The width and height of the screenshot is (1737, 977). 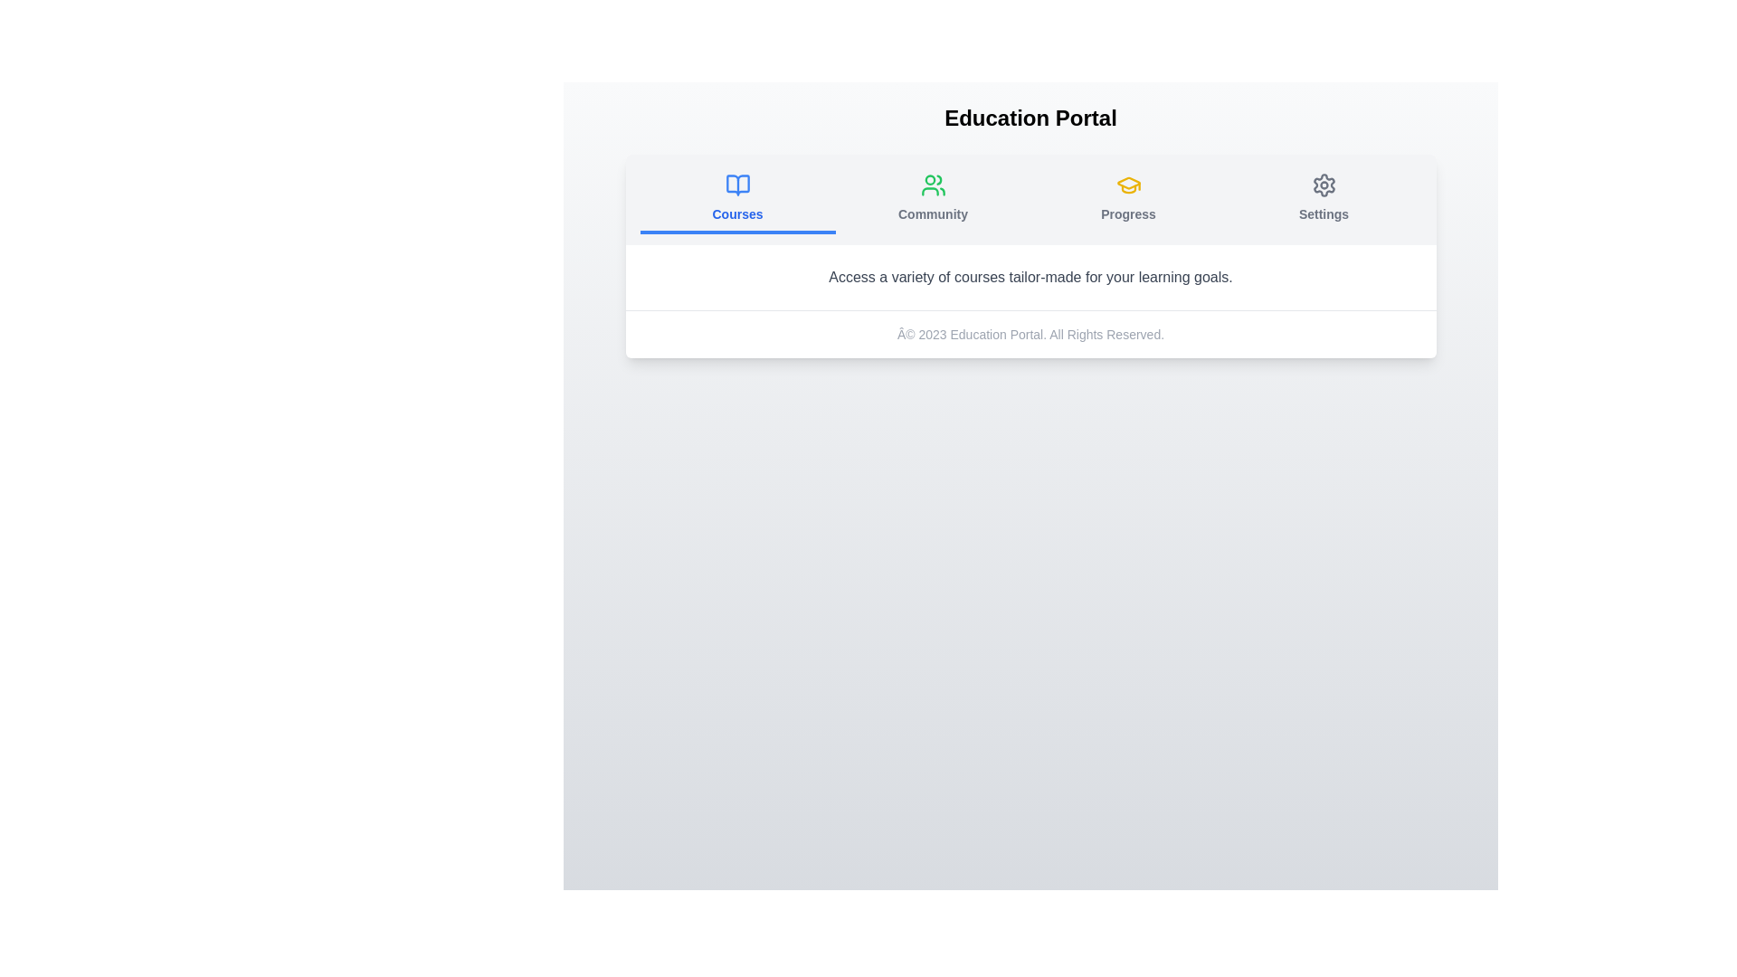 I want to click on the gear icon located in the top-right section of the interface, so click(x=1324, y=185).